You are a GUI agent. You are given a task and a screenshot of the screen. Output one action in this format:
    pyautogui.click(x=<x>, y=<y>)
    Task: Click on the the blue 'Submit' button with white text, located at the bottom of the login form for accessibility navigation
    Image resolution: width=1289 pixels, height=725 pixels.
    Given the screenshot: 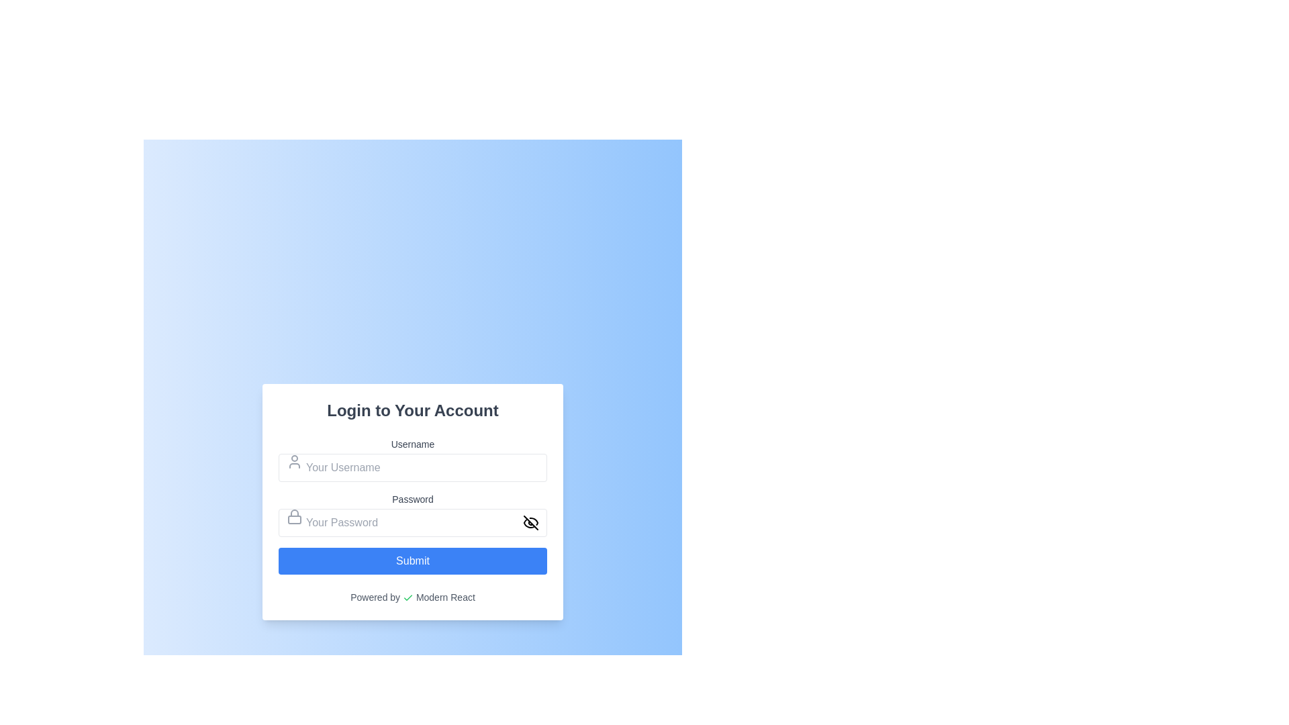 What is the action you would take?
    pyautogui.click(x=412, y=561)
    